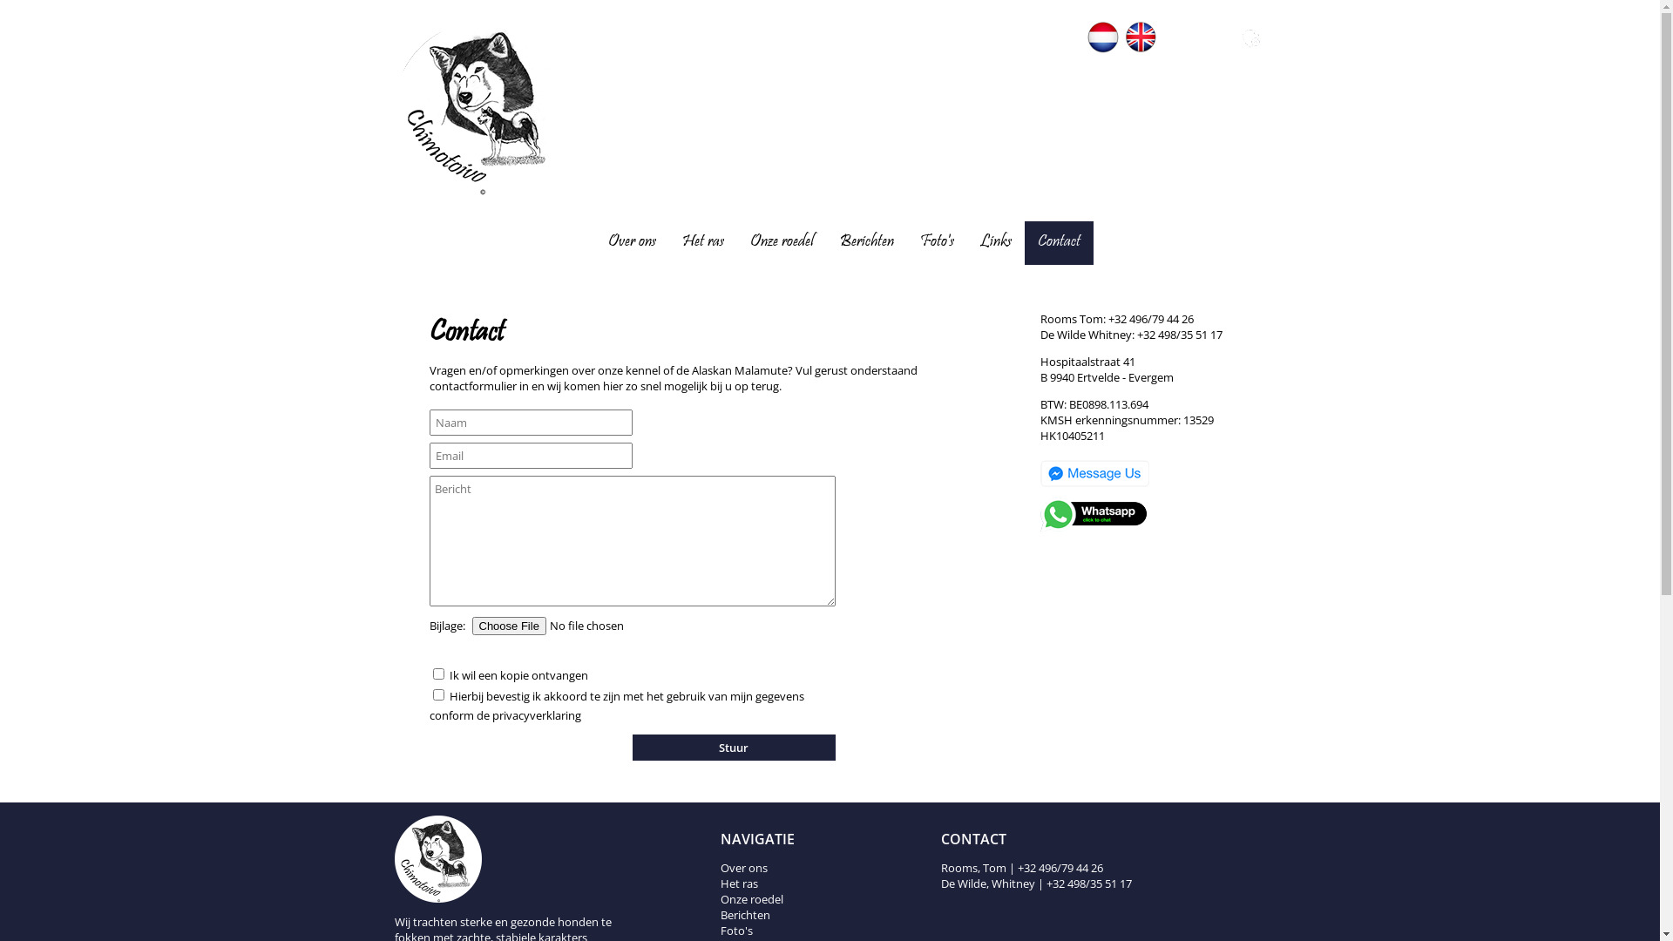 The image size is (1673, 941). Describe the element at coordinates (780, 242) in the screenshot. I see `'Onze roedel'` at that location.